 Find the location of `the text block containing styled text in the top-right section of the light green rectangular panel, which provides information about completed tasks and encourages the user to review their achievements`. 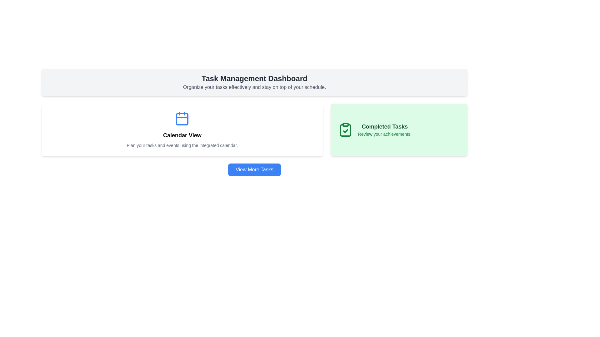

the text block containing styled text in the top-right section of the light green rectangular panel, which provides information about completed tasks and encourages the user to review their achievements is located at coordinates (384, 129).